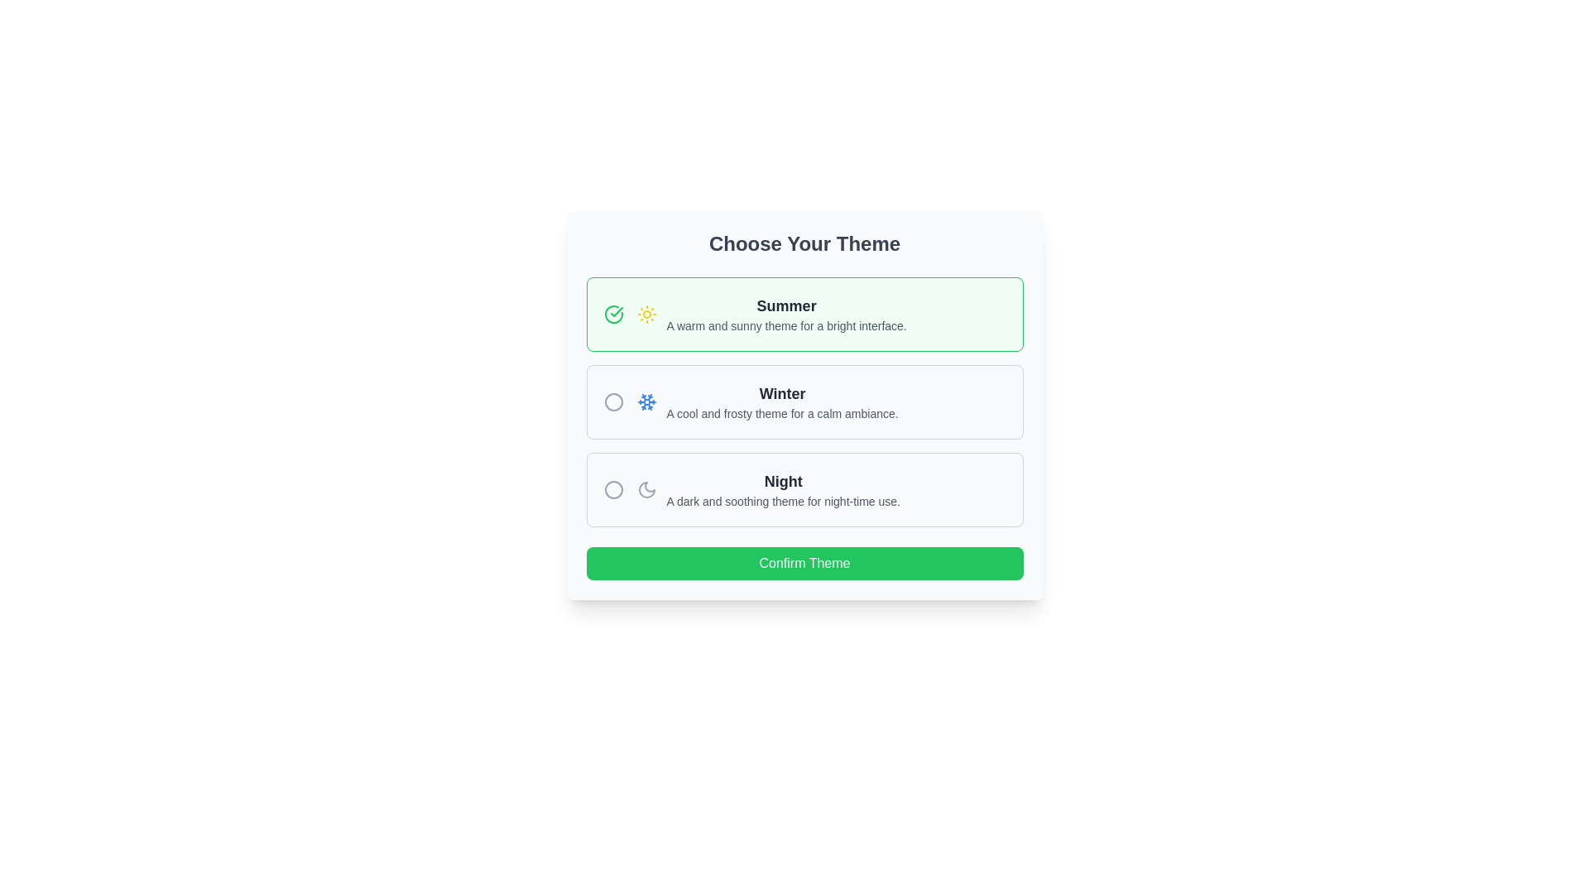  Describe the element at coordinates (612, 488) in the screenshot. I see `the unselected radio button for the 'Night' theme, which is located adjacent to the moon icon and the descriptive text` at that location.